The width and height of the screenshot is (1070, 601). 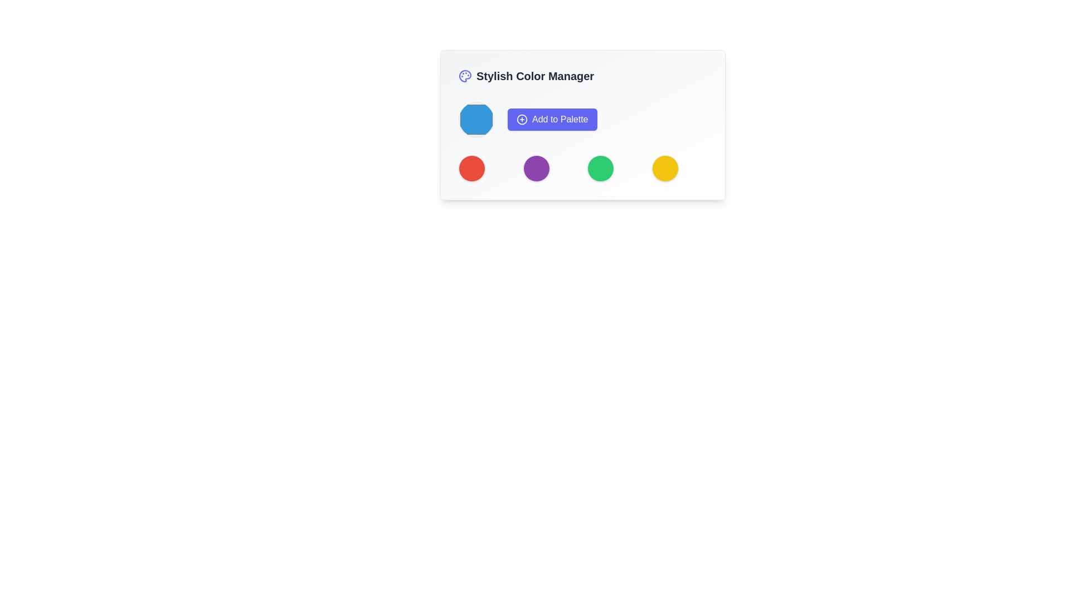 What do you see at coordinates (600, 169) in the screenshot?
I see `the third button in a horizontal sequence of four circular buttons` at bounding box center [600, 169].